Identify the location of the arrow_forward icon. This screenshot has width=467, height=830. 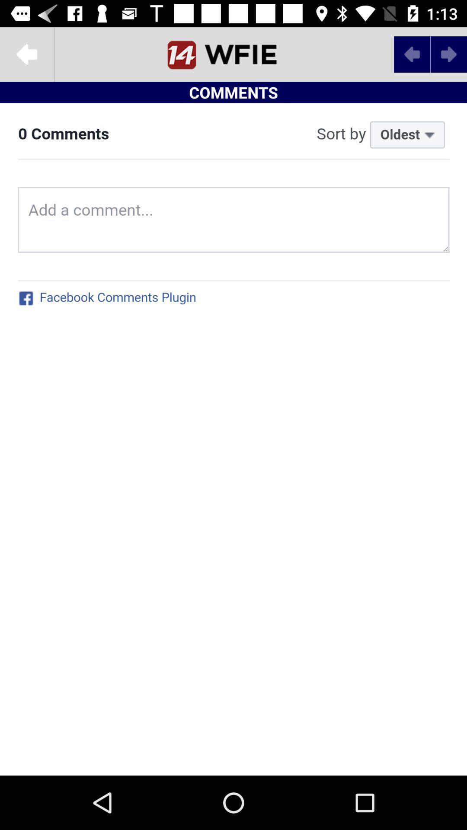
(448, 54).